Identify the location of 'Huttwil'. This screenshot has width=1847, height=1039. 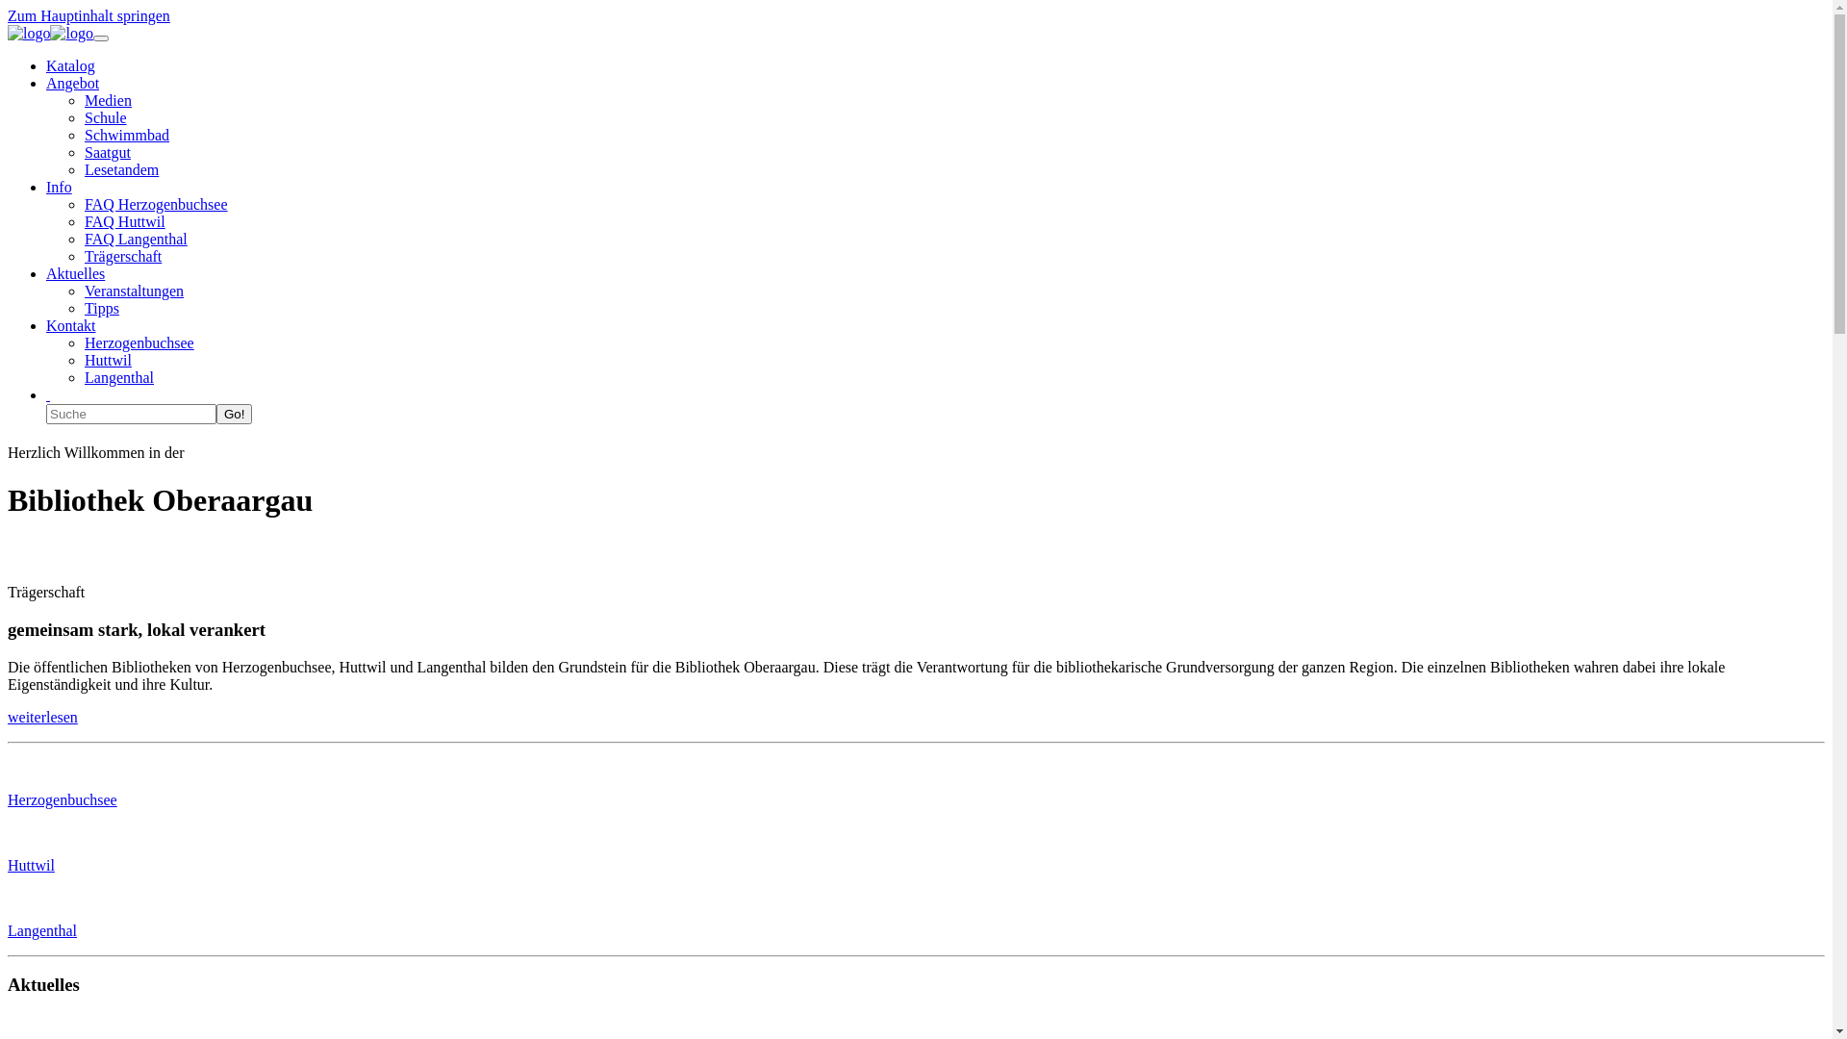
(107, 360).